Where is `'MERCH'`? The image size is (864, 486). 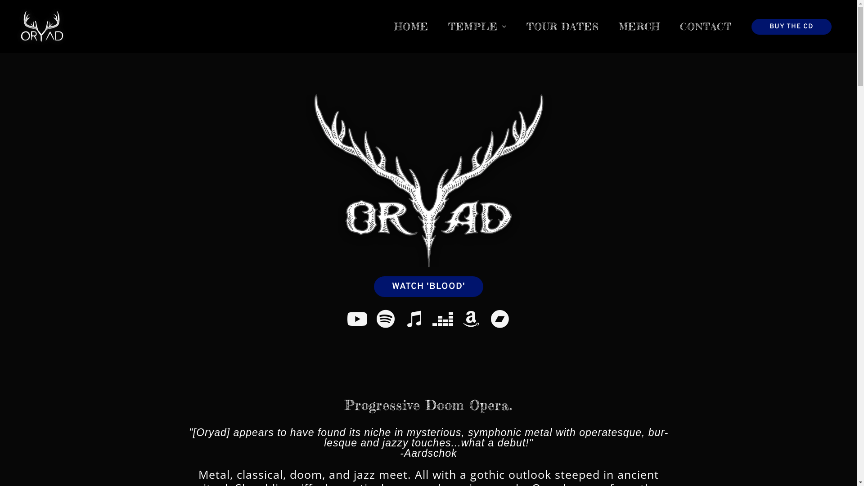 'MERCH' is located at coordinates (639, 26).